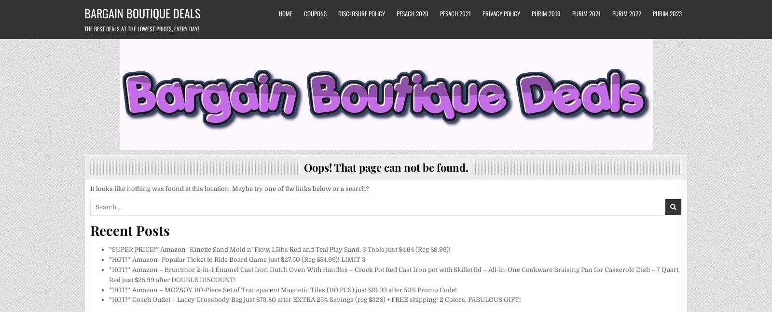 This screenshot has width=772, height=312. Describe the element at coordinates (142, 12) in the screenshot. I see `'Bargain Boutique Deals'` at that location.